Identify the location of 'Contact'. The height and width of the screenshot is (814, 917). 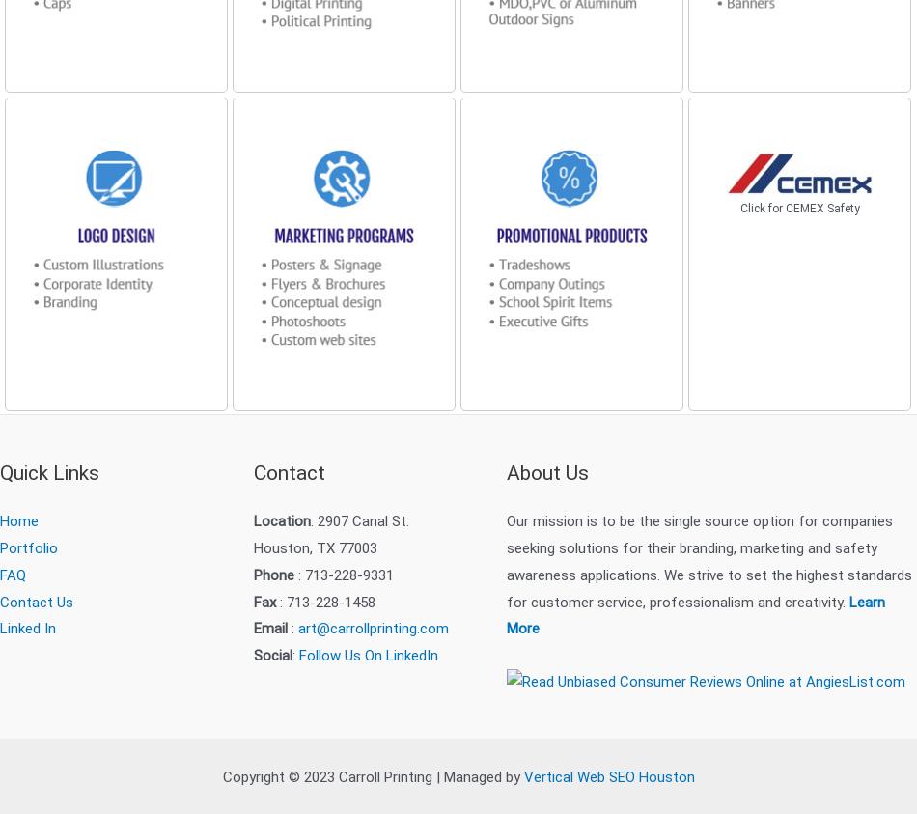
(287, 472).